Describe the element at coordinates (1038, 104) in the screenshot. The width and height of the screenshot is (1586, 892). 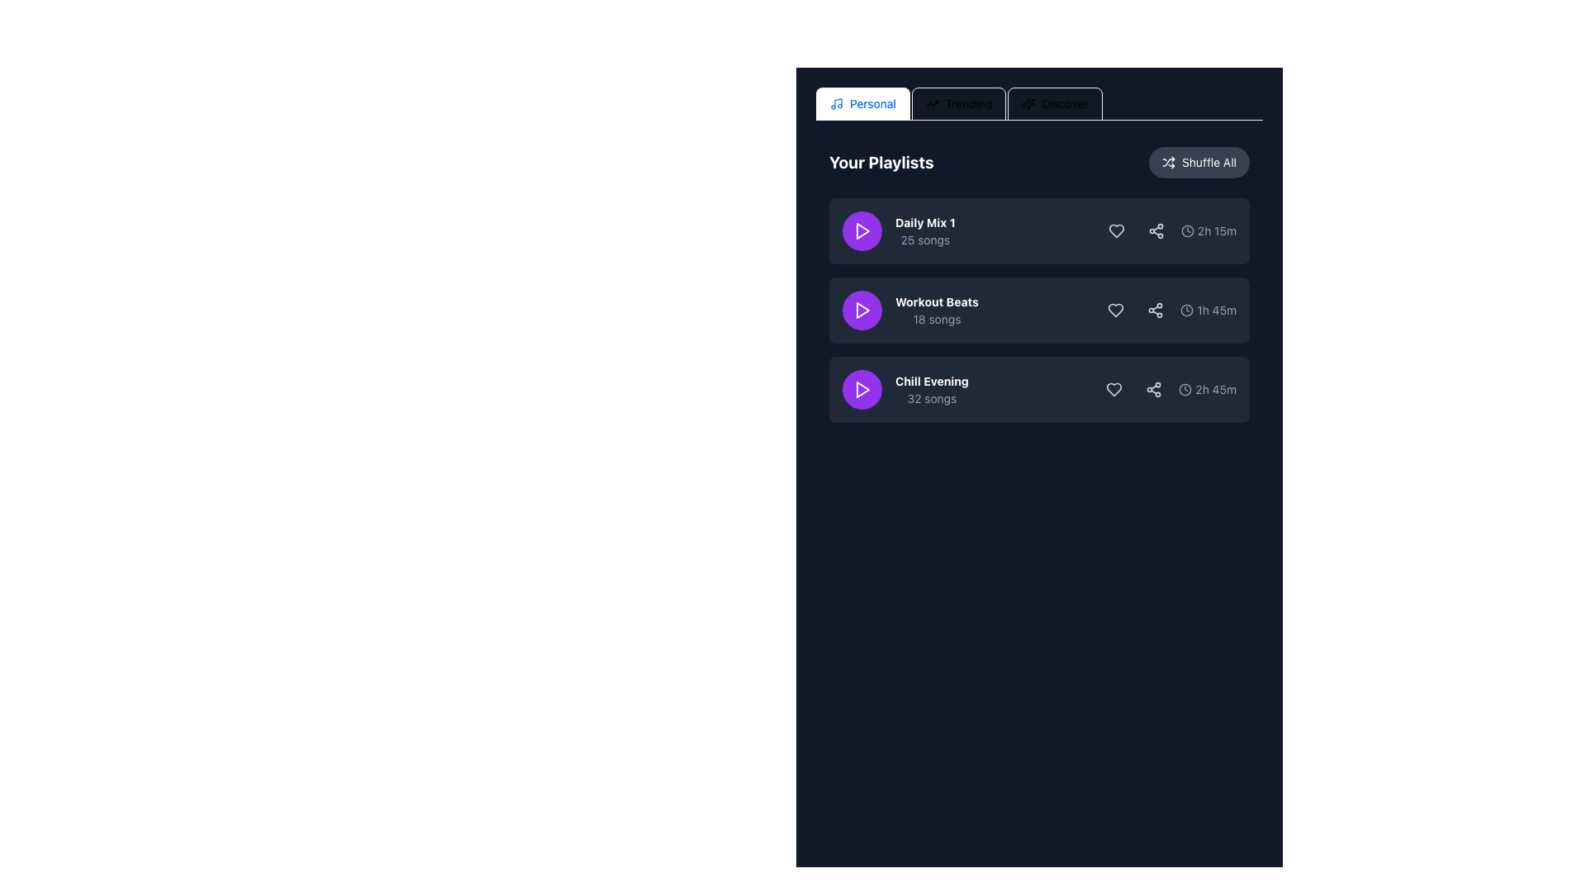
I see `the 'Discover' tab in the navigation tab bar` at that location.